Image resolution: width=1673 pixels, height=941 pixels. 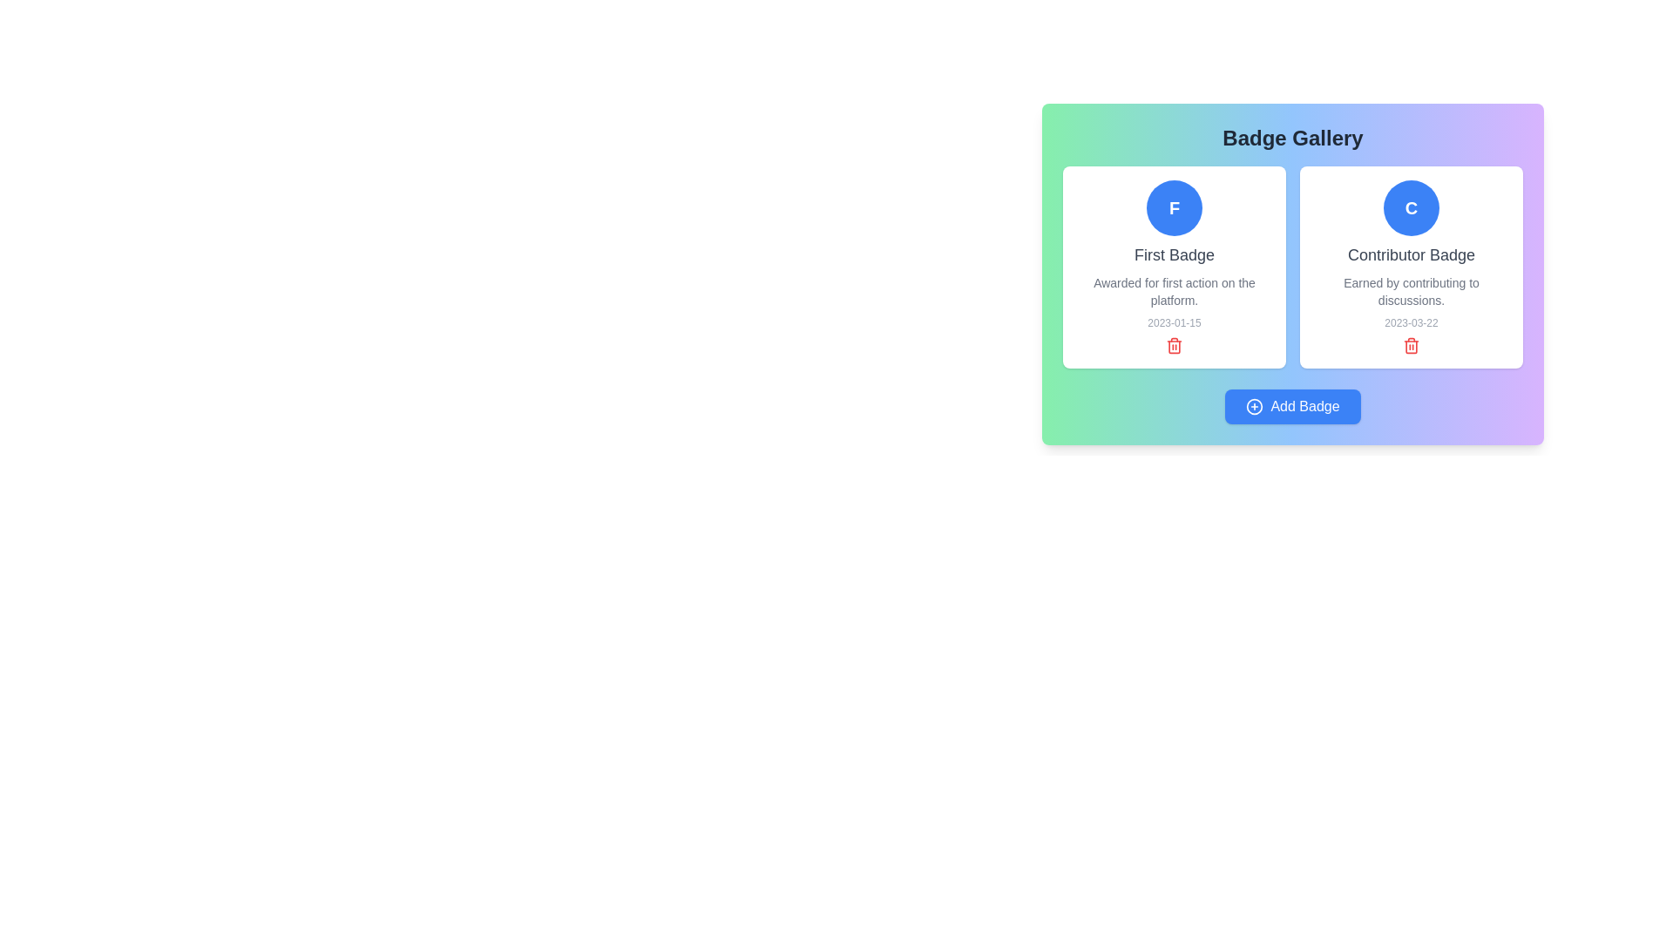 What do you see at coordinates (1175, 322) in the screenshot?
I see `the date display label located at the bottom of the left badge card in the 'Badge Gallery' section, which indicates when the badge was awarded` at bounding box center [1175, 322].